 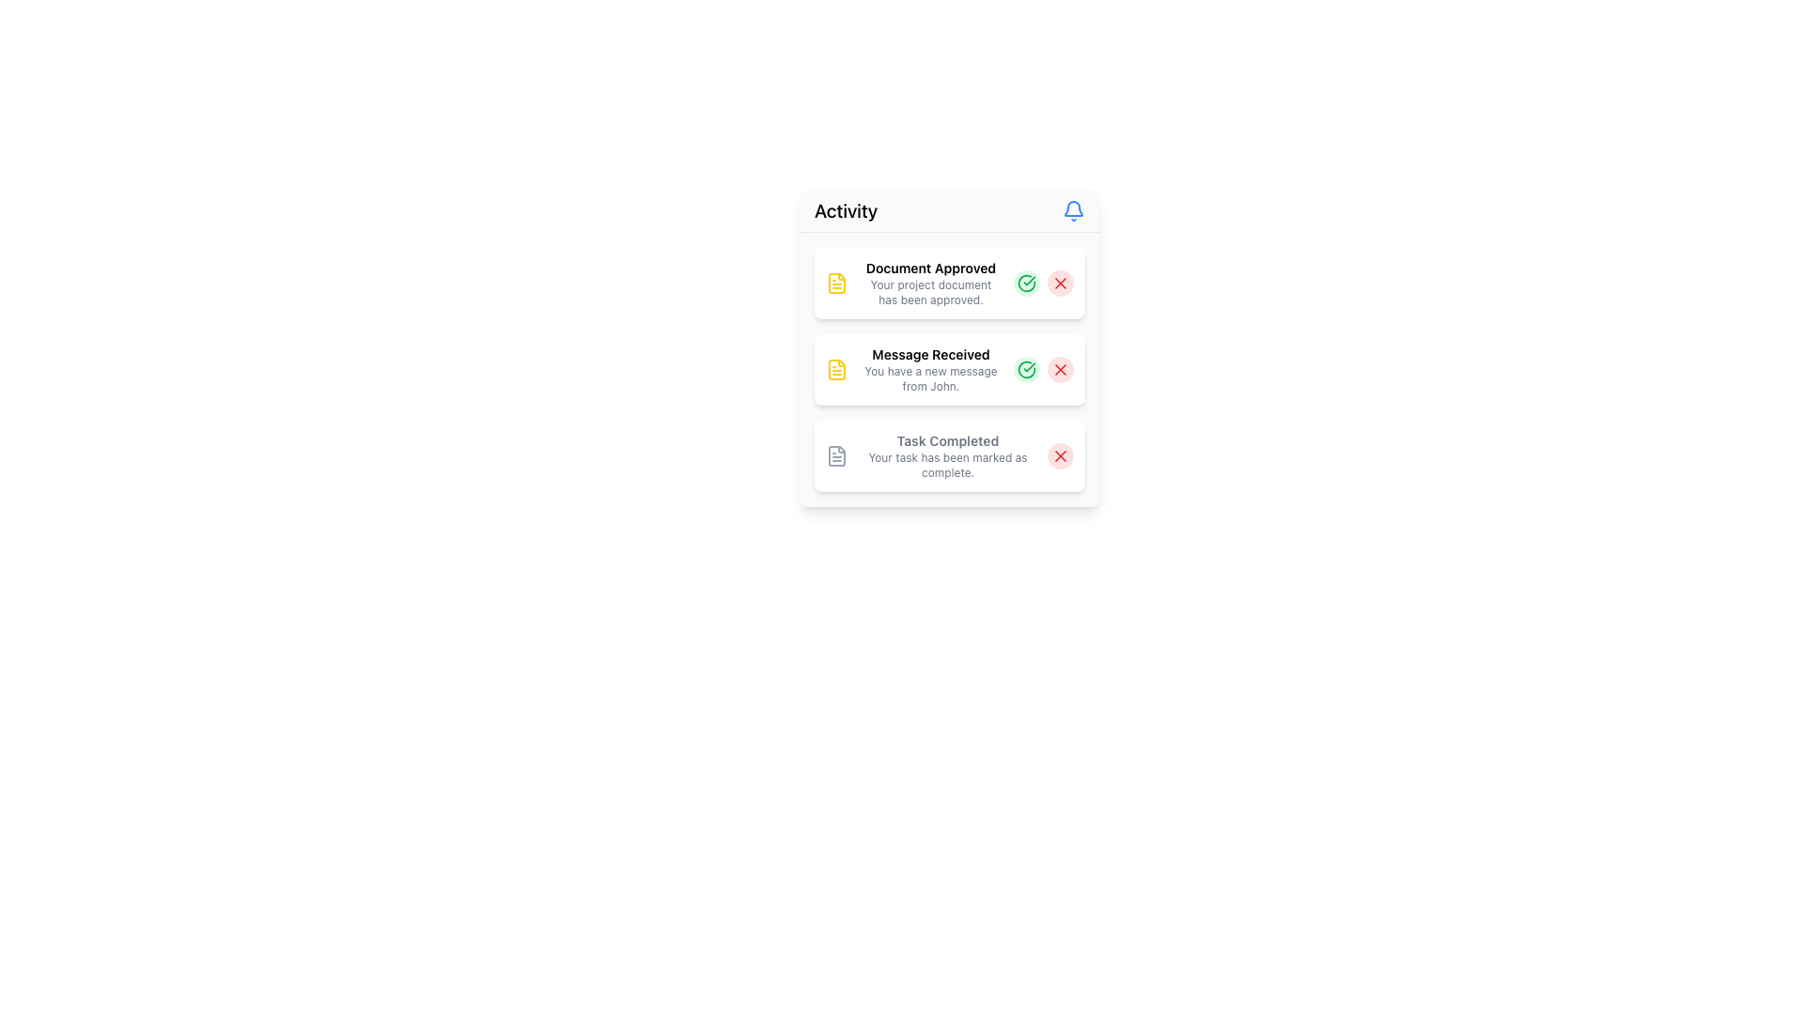 I want to click on the circular green icon button with a checkmark graphic located in the 'Activity' list, to confirm or approve the associated item, so click(x=1026, y=369).